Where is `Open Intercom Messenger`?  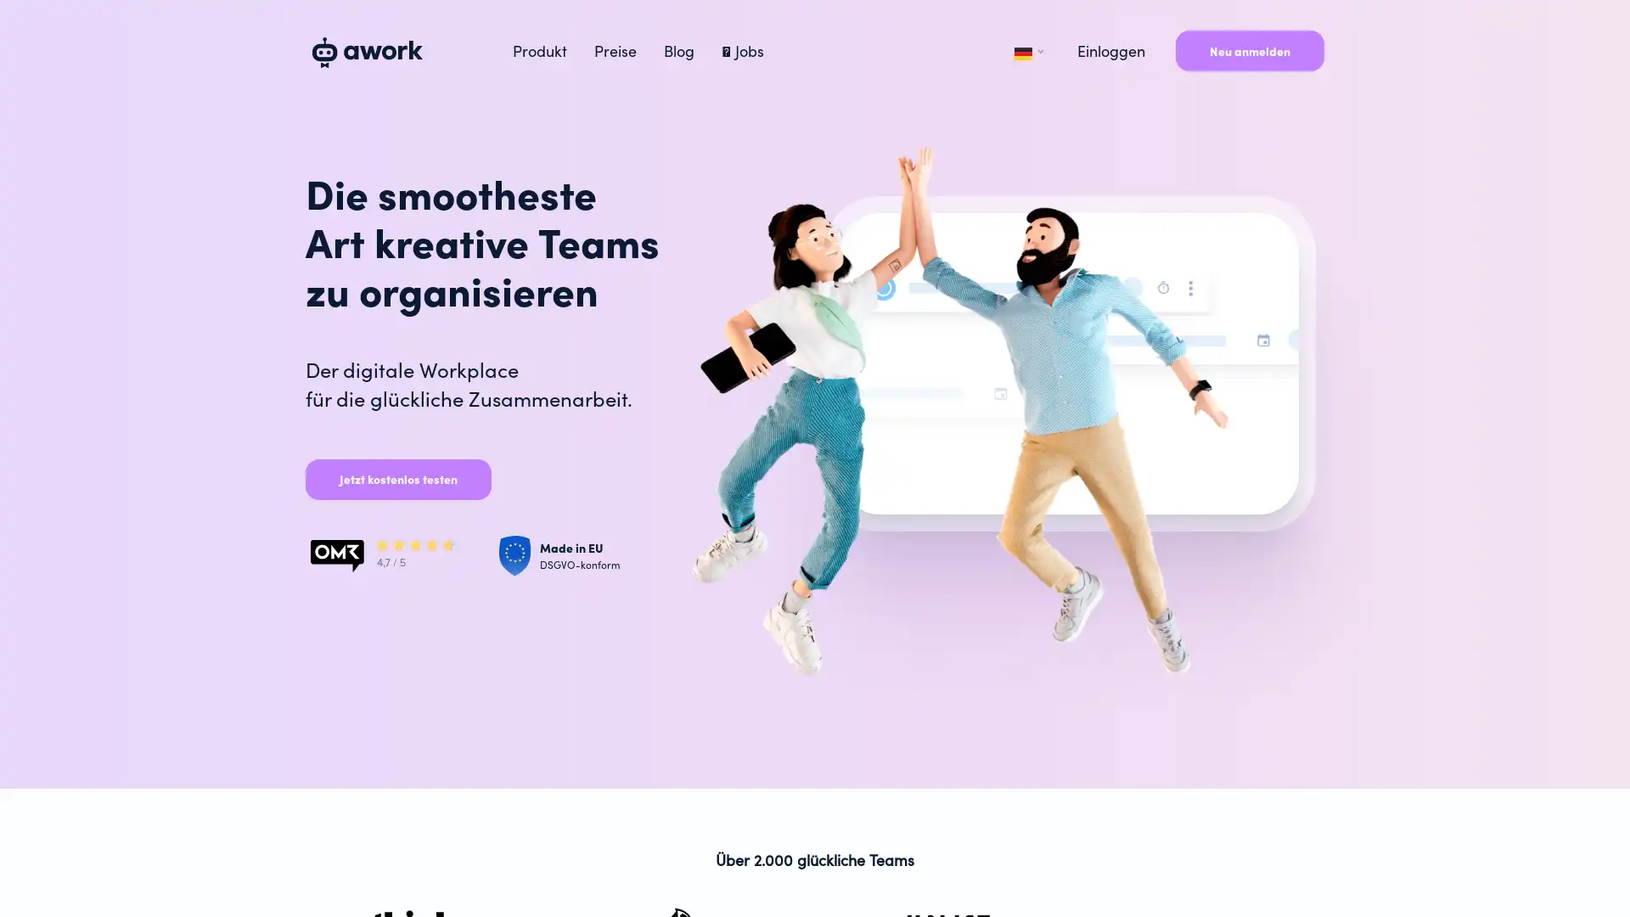
Open Intercom Messenger is located at coordinates (1587, 874).